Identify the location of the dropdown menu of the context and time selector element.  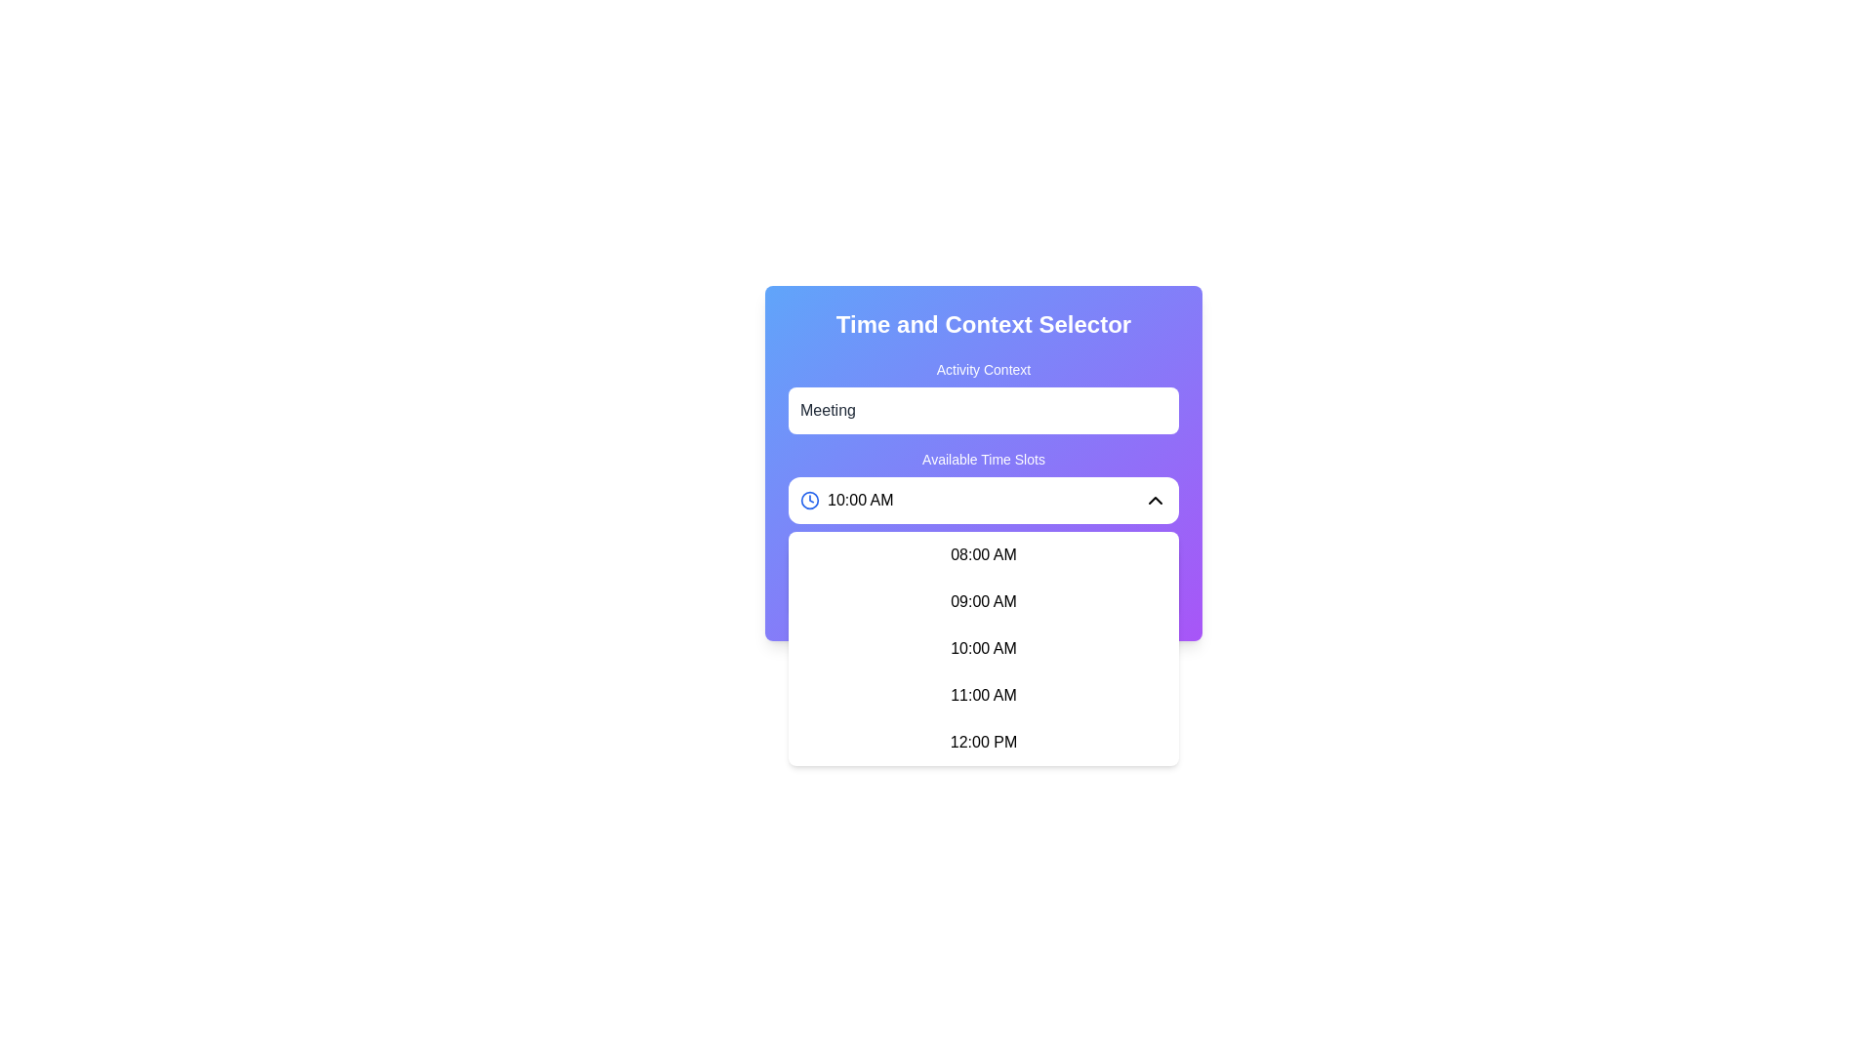
(984, 463).